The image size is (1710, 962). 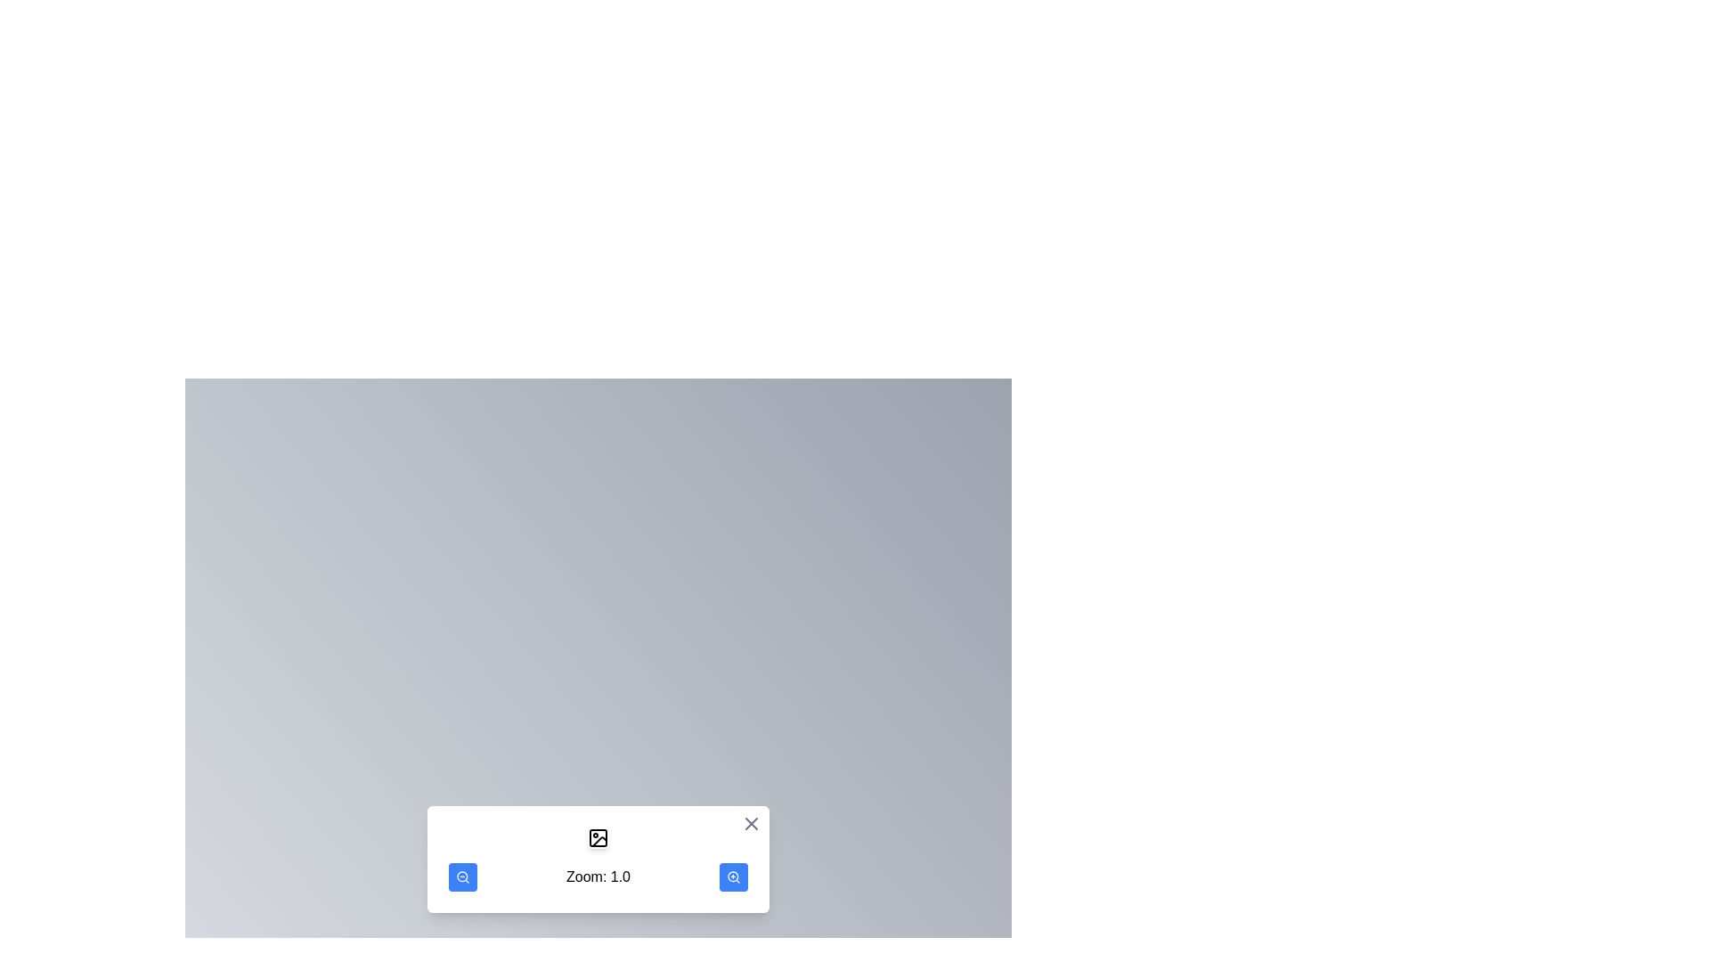 I want to click on text displayed as 'Zoom: 1.0' from the centered text display element located near the bottom of a modal interface, so click(x=598, y=876).